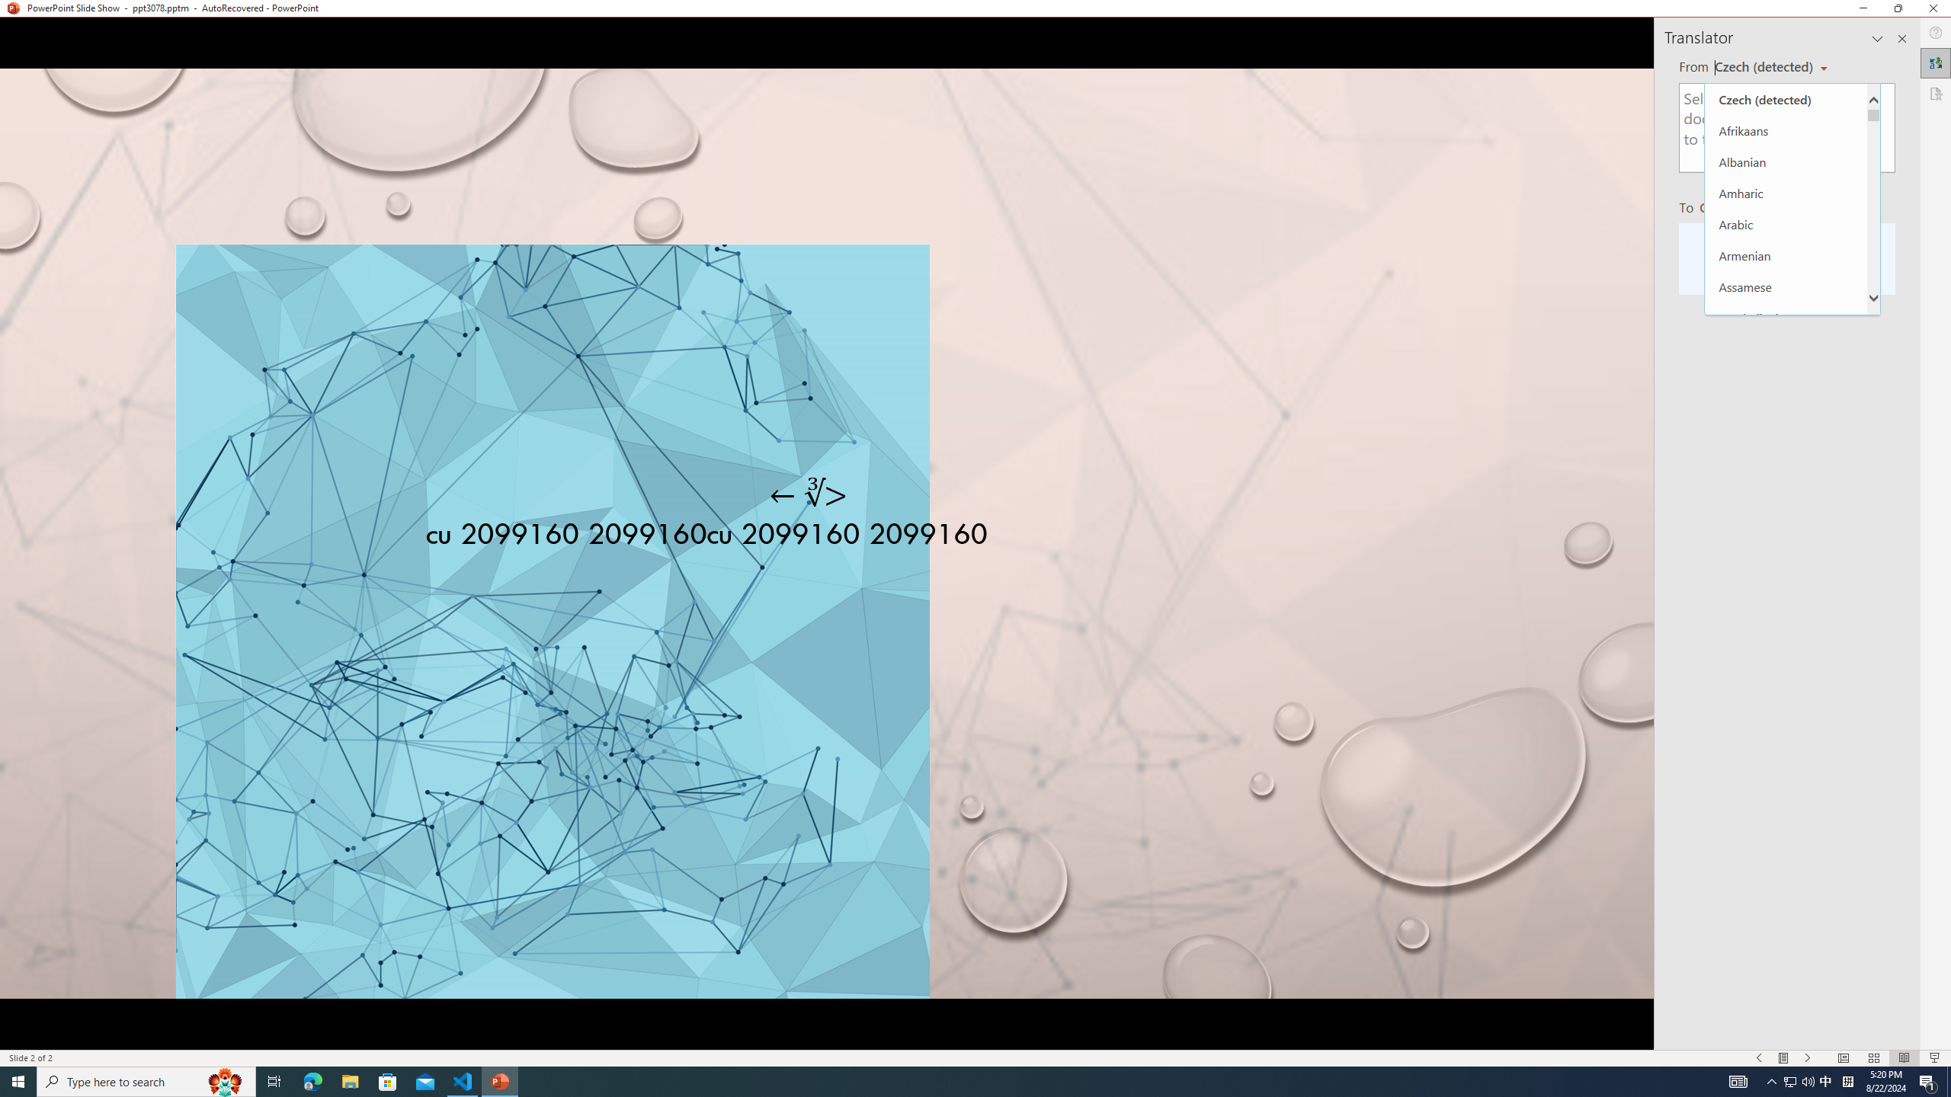 Image resolution: width=1951 pixels, height=1097 pixels. Describe the element at coordinates (1786, 254) in the screenshot. I see `'Armenian'` at that location.